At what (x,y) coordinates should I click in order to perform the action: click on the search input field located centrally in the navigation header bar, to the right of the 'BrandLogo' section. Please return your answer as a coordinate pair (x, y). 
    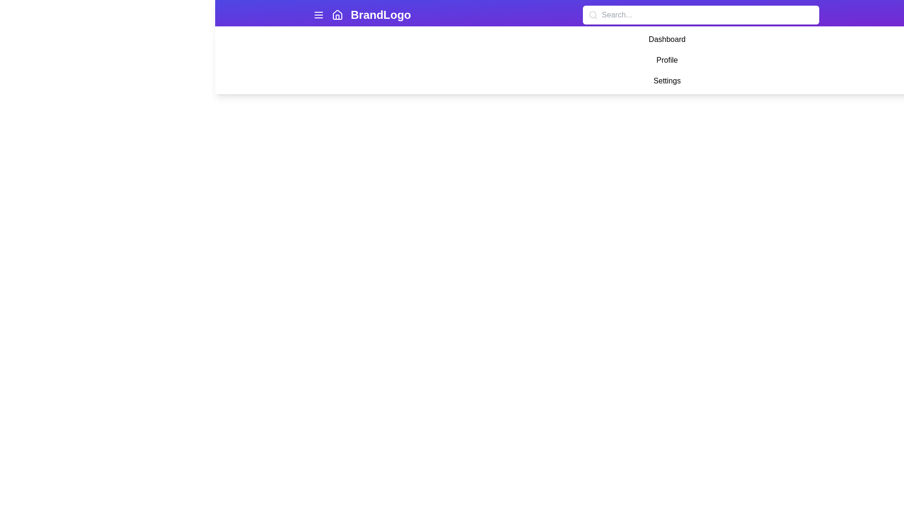
    Looking at the image, I should click on (701, 15).